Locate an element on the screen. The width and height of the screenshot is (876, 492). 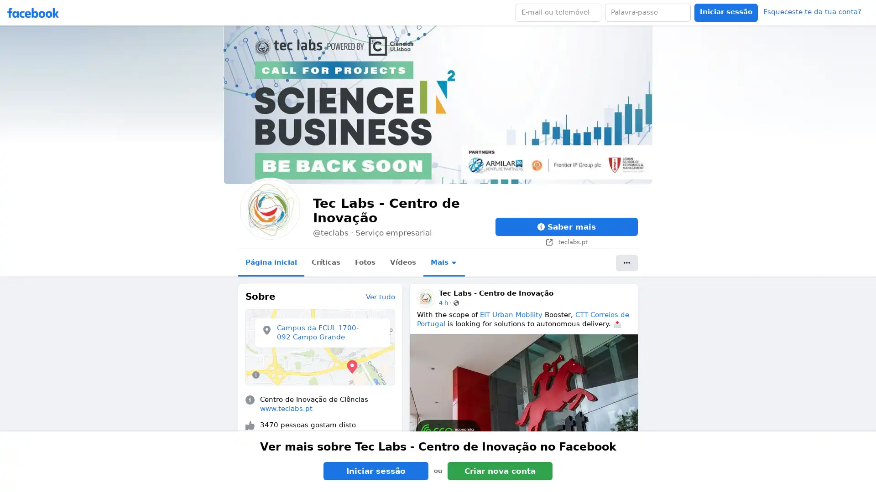
OK is located at coordinates (531, 272).